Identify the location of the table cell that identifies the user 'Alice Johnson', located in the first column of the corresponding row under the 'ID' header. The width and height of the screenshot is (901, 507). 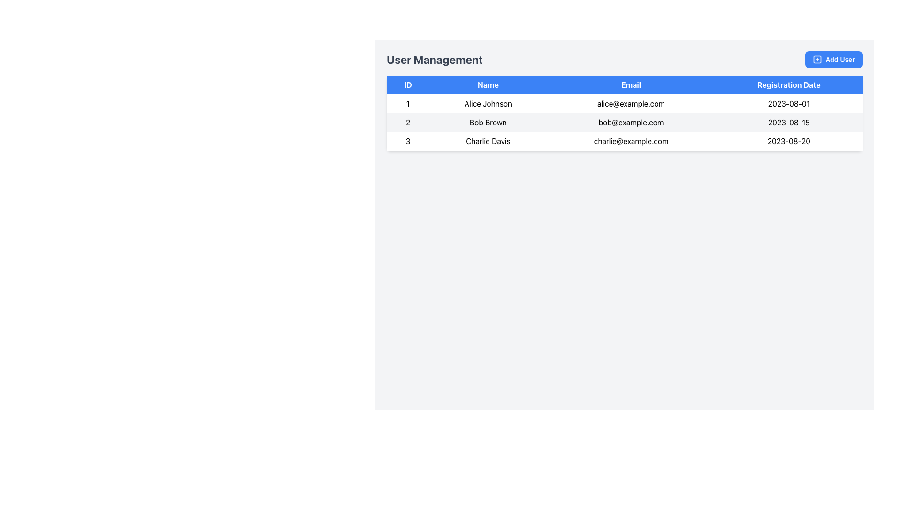
(408, 103).